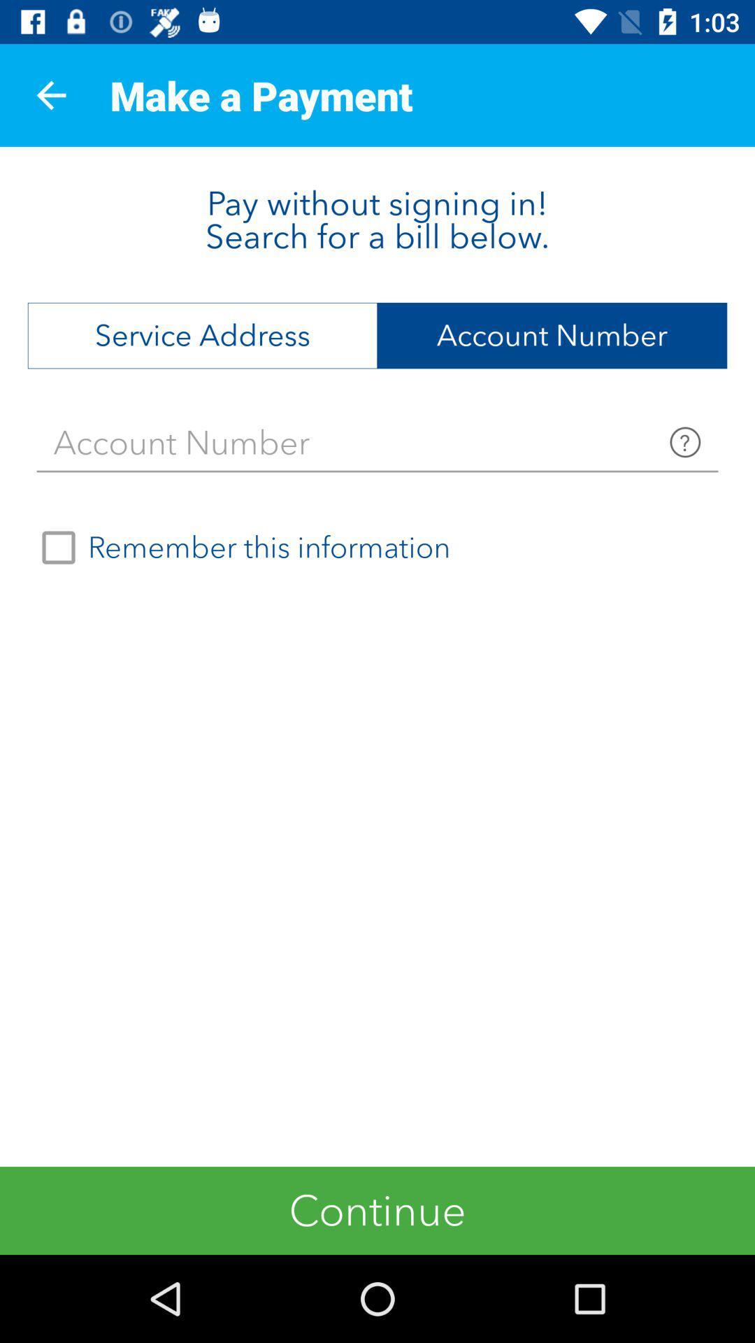 This screenshot has width=755, height=1343. I want to click on the icon above pay without signing item, so click(50, 94).